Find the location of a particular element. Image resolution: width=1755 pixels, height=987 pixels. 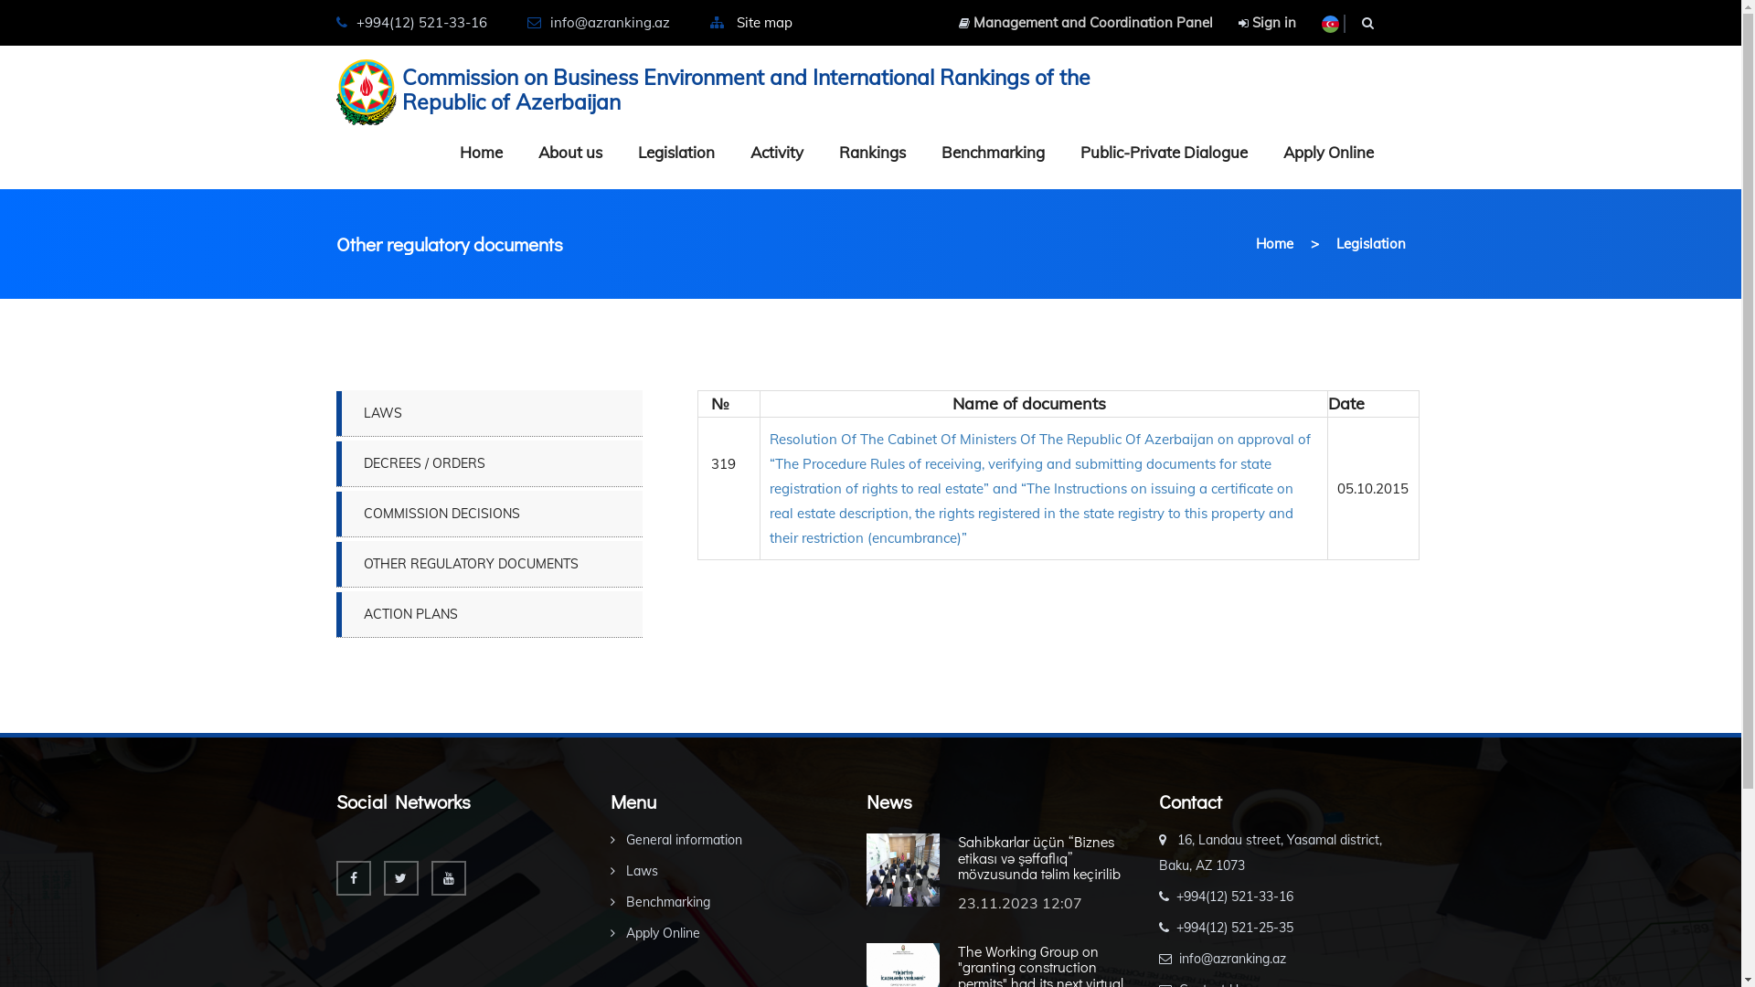

'Public-Private Dialogue' is located at coordinates (1163, 151).